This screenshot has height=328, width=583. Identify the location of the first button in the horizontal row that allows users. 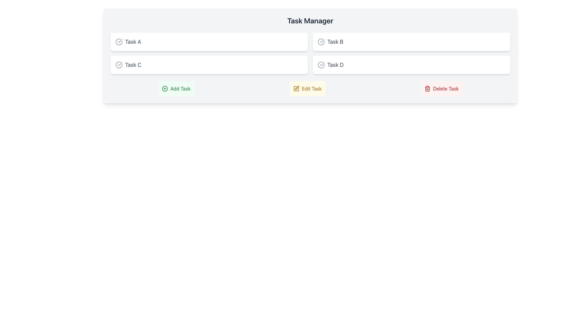
(176, 89).